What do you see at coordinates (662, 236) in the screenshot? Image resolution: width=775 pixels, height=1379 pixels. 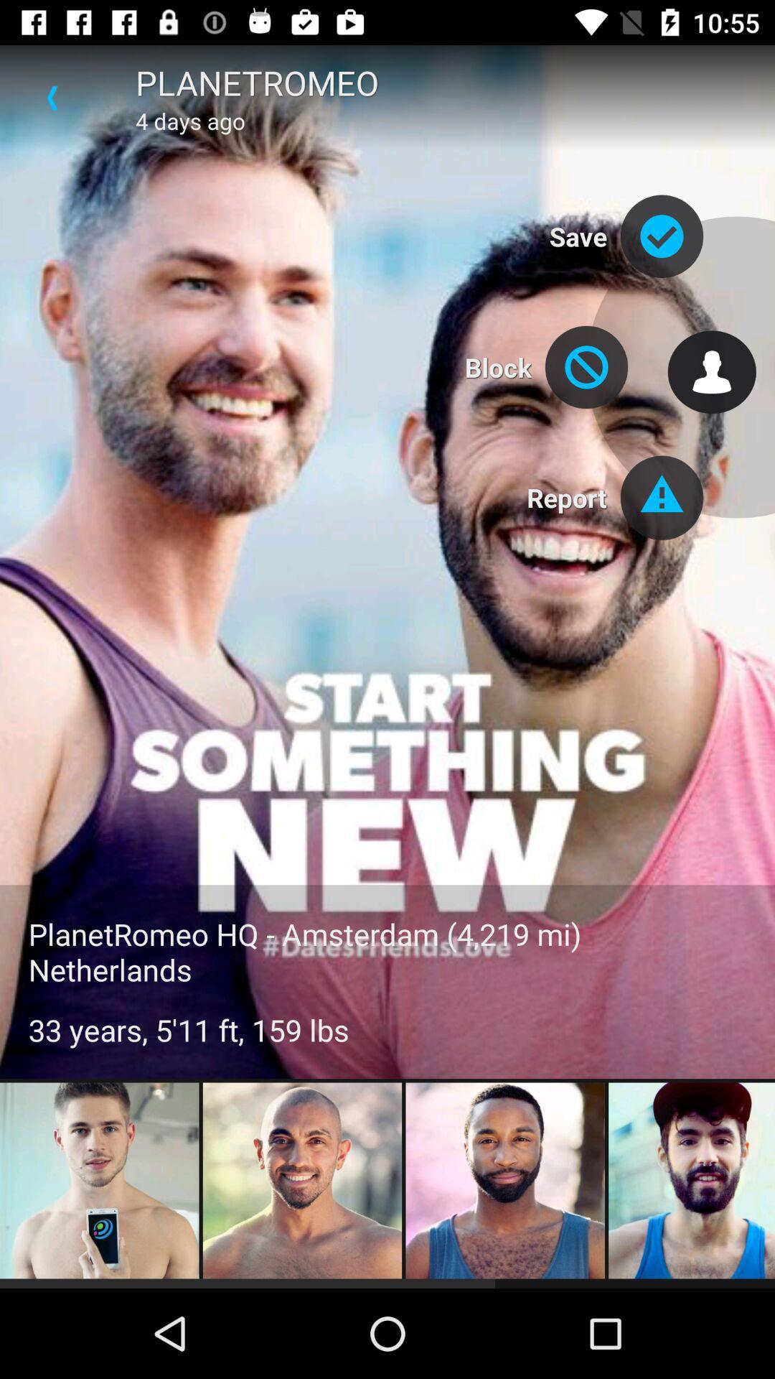 I see `the check icon` at bounding box center [662, 236].